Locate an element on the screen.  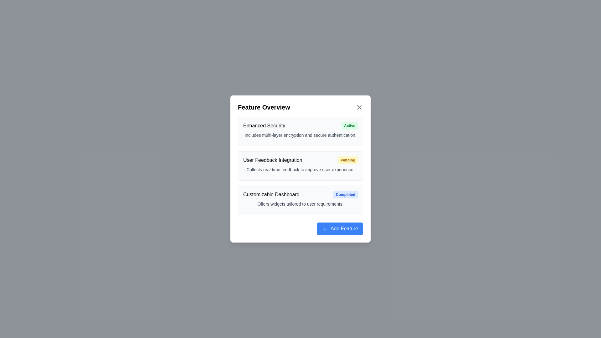
the 'Enhanced Security' text label which is left-aligned in the feature overview modal is located at coordinates (264, 125).